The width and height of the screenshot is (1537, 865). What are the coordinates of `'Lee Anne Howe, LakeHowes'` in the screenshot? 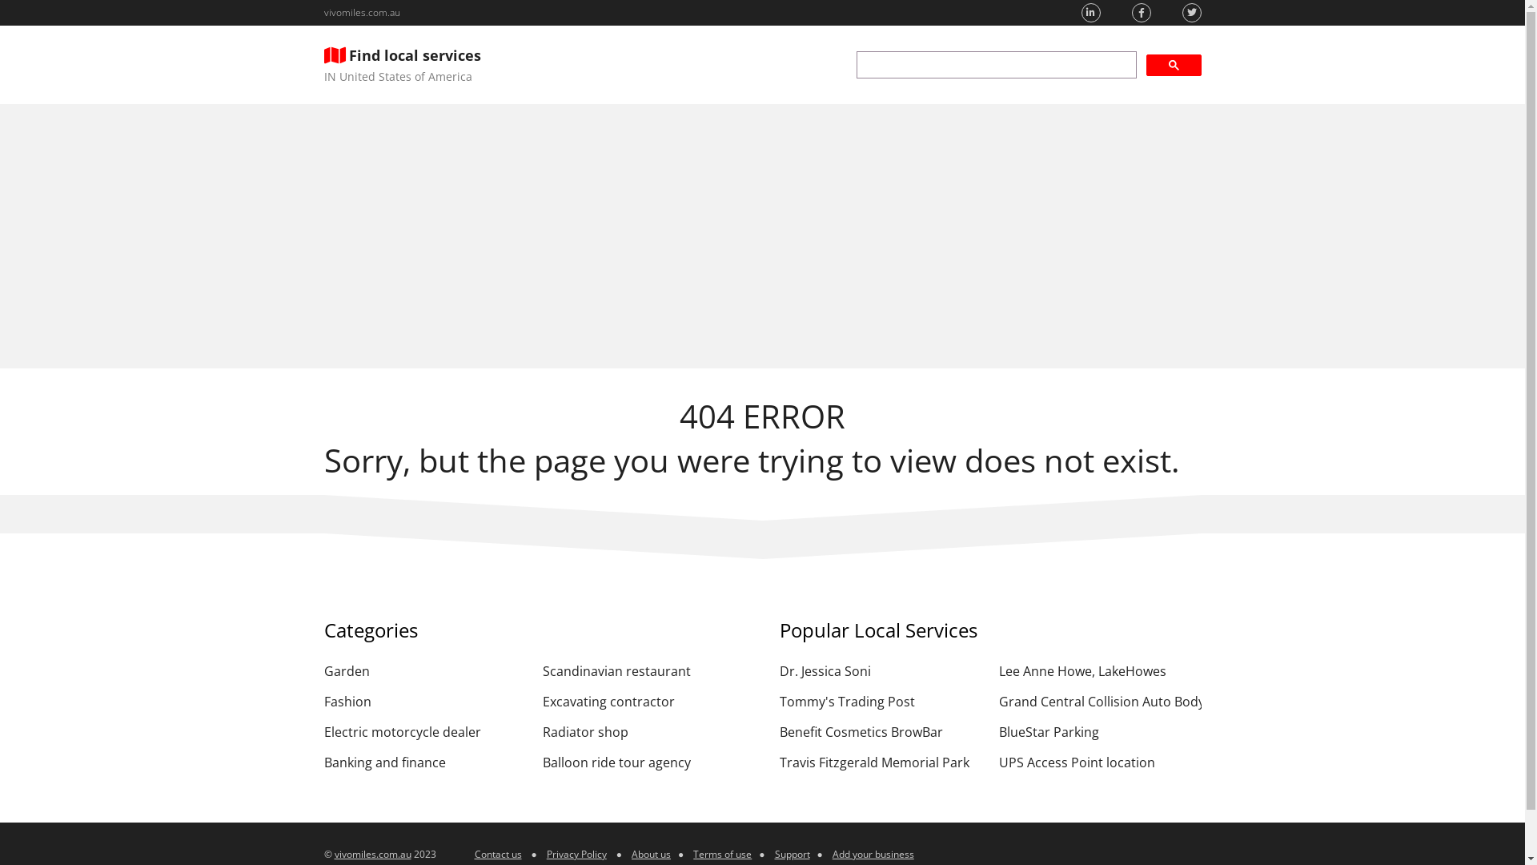 It's located at (998, 670).